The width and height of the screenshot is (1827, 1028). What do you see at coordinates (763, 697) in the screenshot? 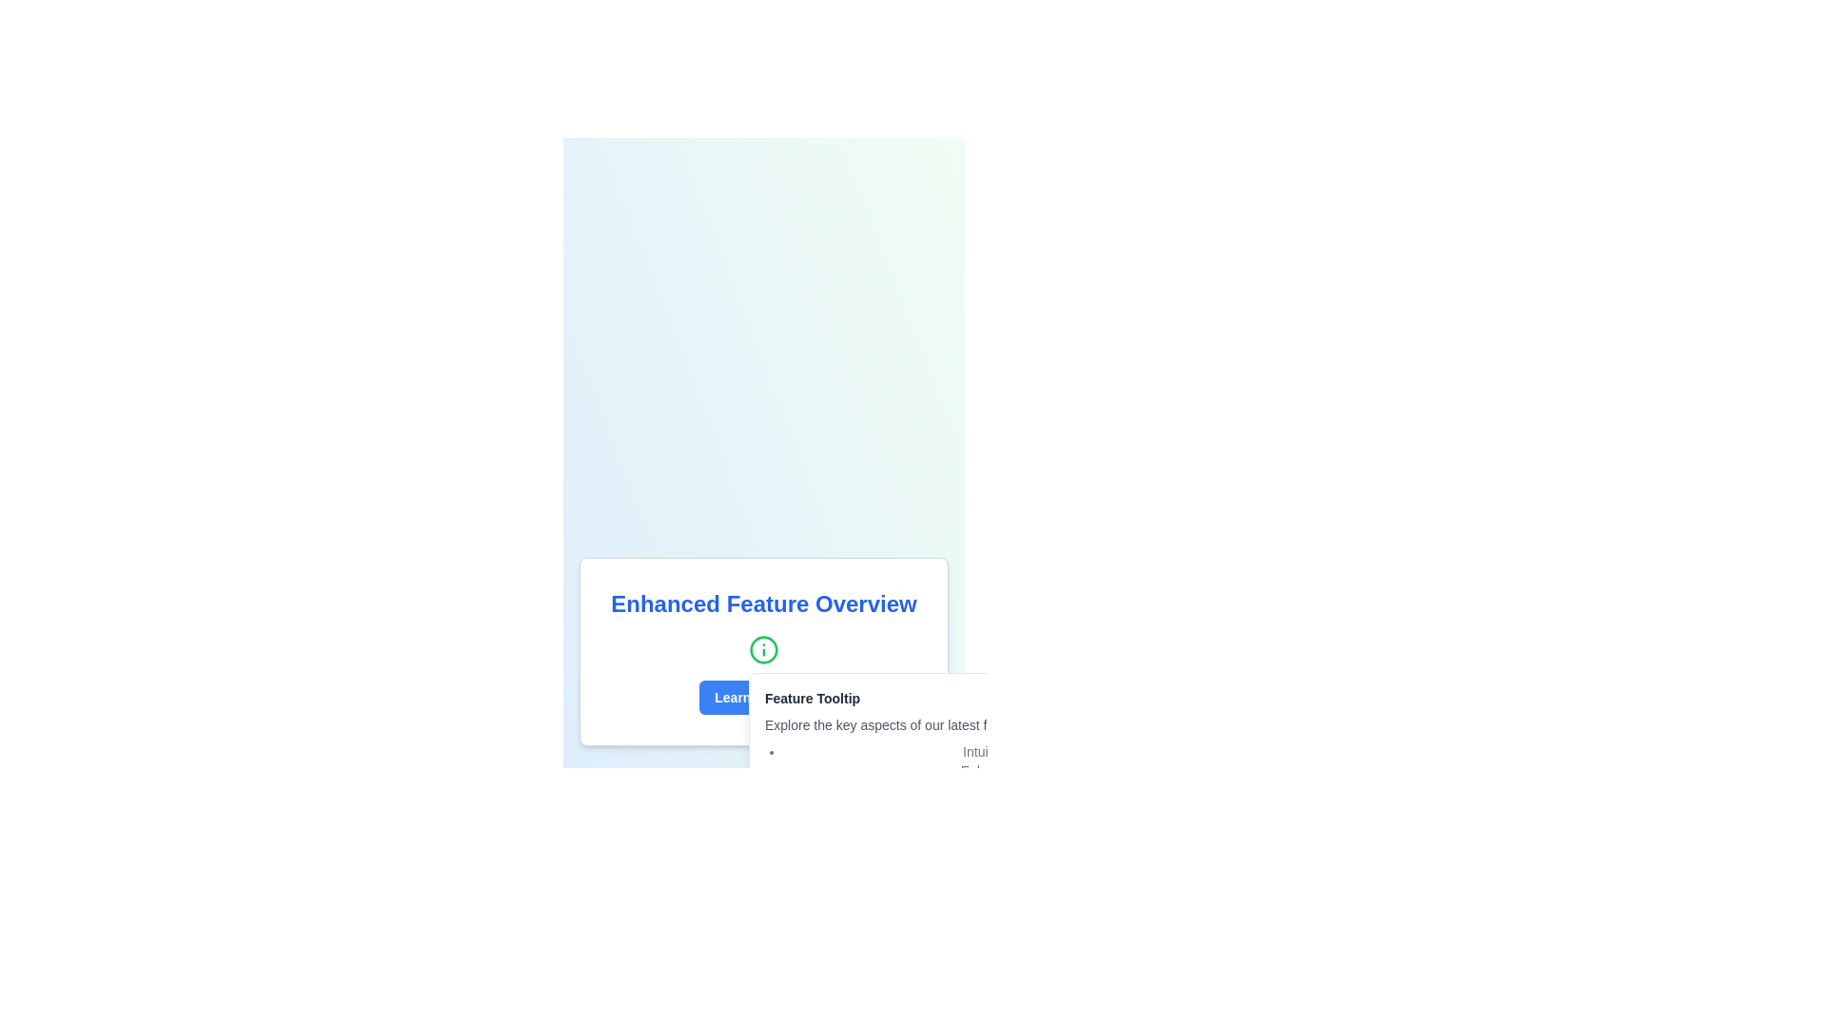
I see `button located at the lower left corner of the 'Enhanced Feature Overview' card, which is designed to provide additional information or navigate to a detailed page about the feature` at bounding box center [763, 697].